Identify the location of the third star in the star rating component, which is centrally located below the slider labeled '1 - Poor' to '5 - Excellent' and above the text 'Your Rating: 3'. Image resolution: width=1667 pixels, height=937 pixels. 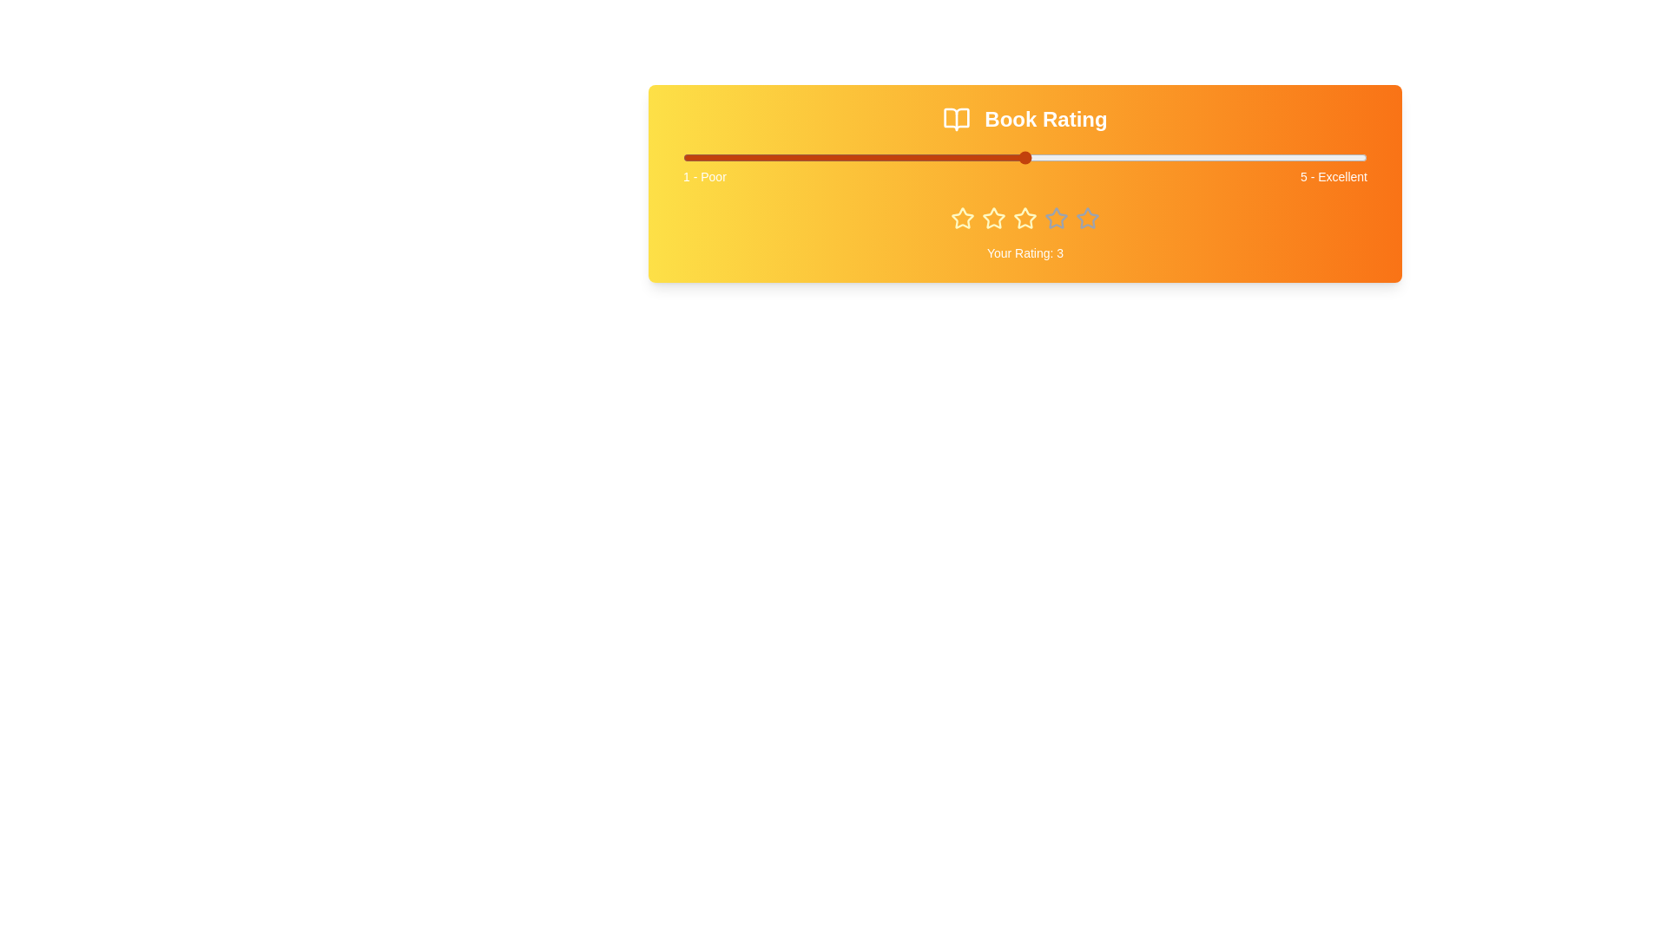
(1025, 217).